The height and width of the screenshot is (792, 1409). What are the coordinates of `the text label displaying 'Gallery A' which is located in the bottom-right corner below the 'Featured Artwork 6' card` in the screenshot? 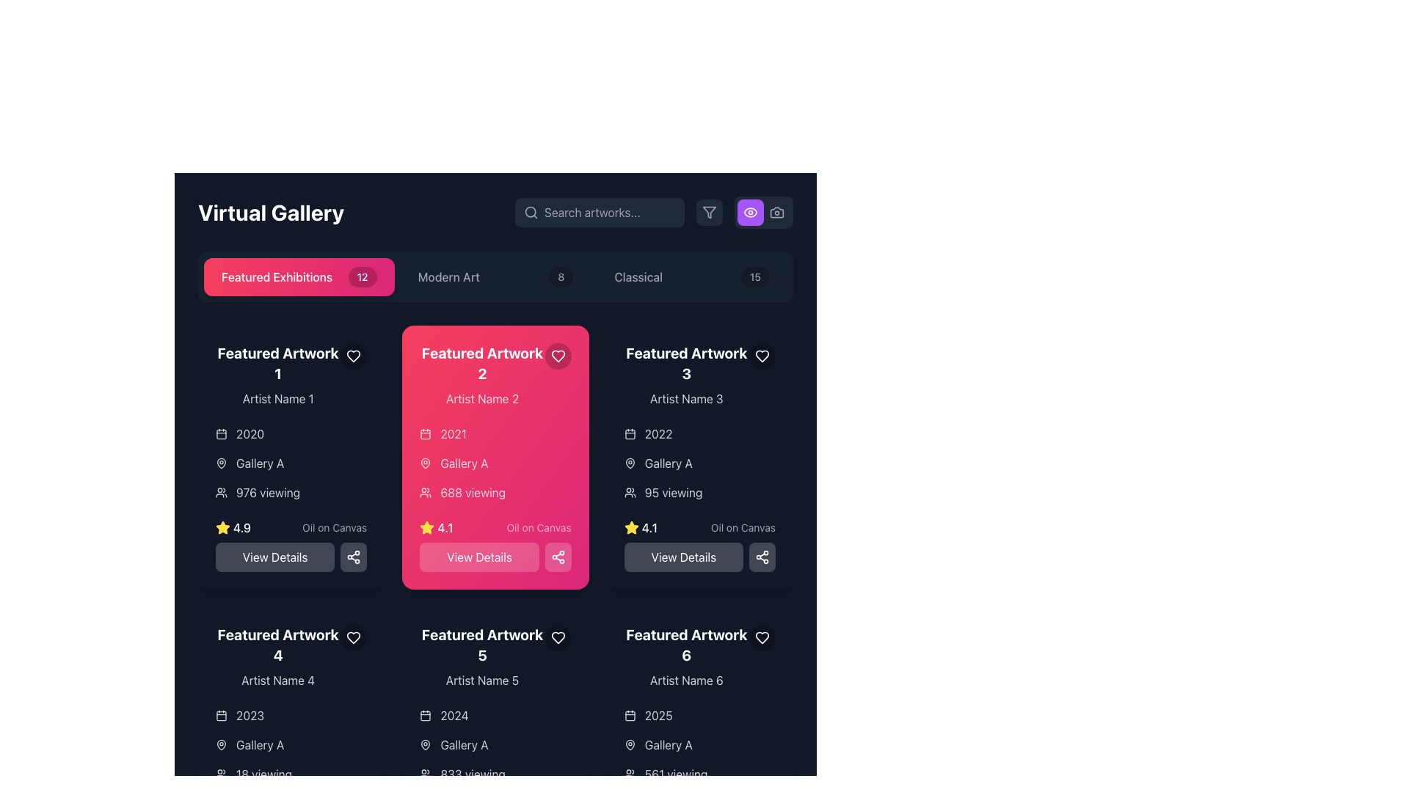 It's located at (668, 744).